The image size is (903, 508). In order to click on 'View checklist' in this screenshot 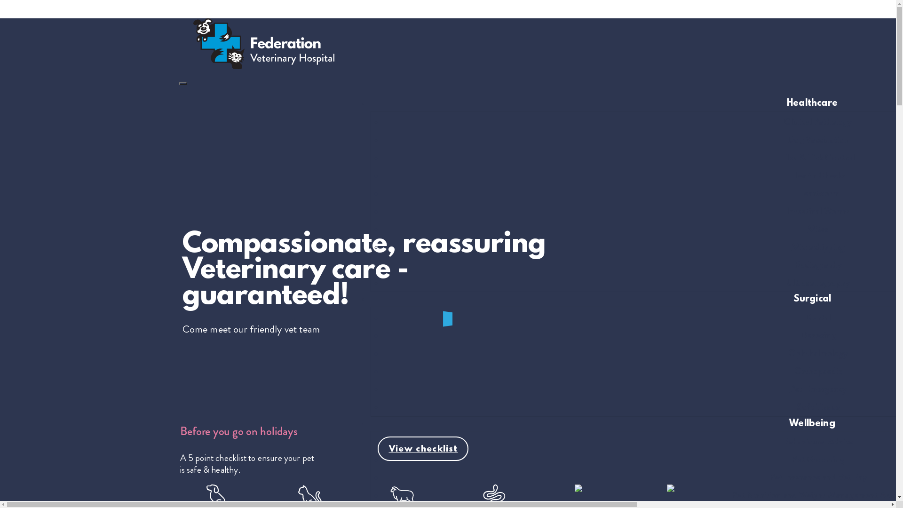, I will do `click(377, 448)`.